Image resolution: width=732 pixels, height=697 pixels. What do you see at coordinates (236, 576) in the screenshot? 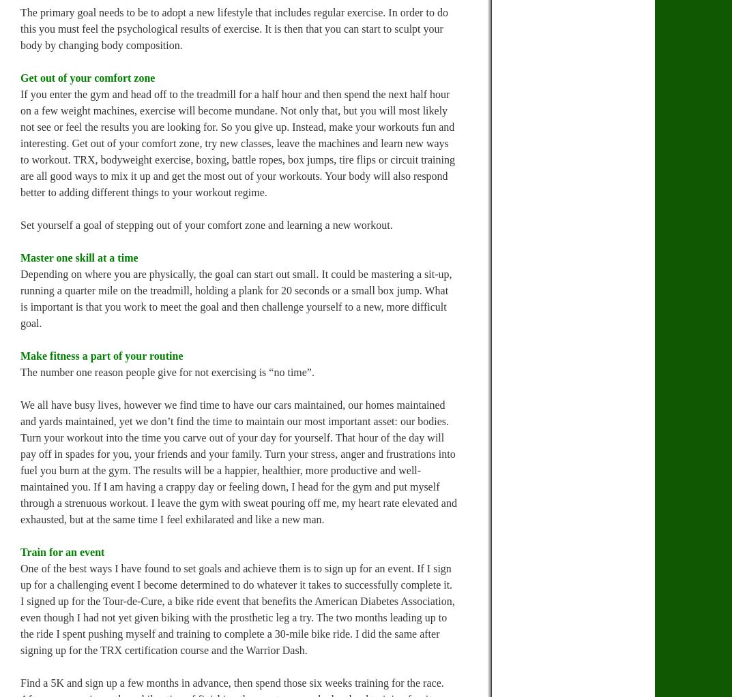
I see `'One of the best ways I have found to set goals and achieve them is to sign up for an event. If I sign up for a challenging event I become determined to do whatever it takes to successfully complete it.'` at bounding box center [236, 576].